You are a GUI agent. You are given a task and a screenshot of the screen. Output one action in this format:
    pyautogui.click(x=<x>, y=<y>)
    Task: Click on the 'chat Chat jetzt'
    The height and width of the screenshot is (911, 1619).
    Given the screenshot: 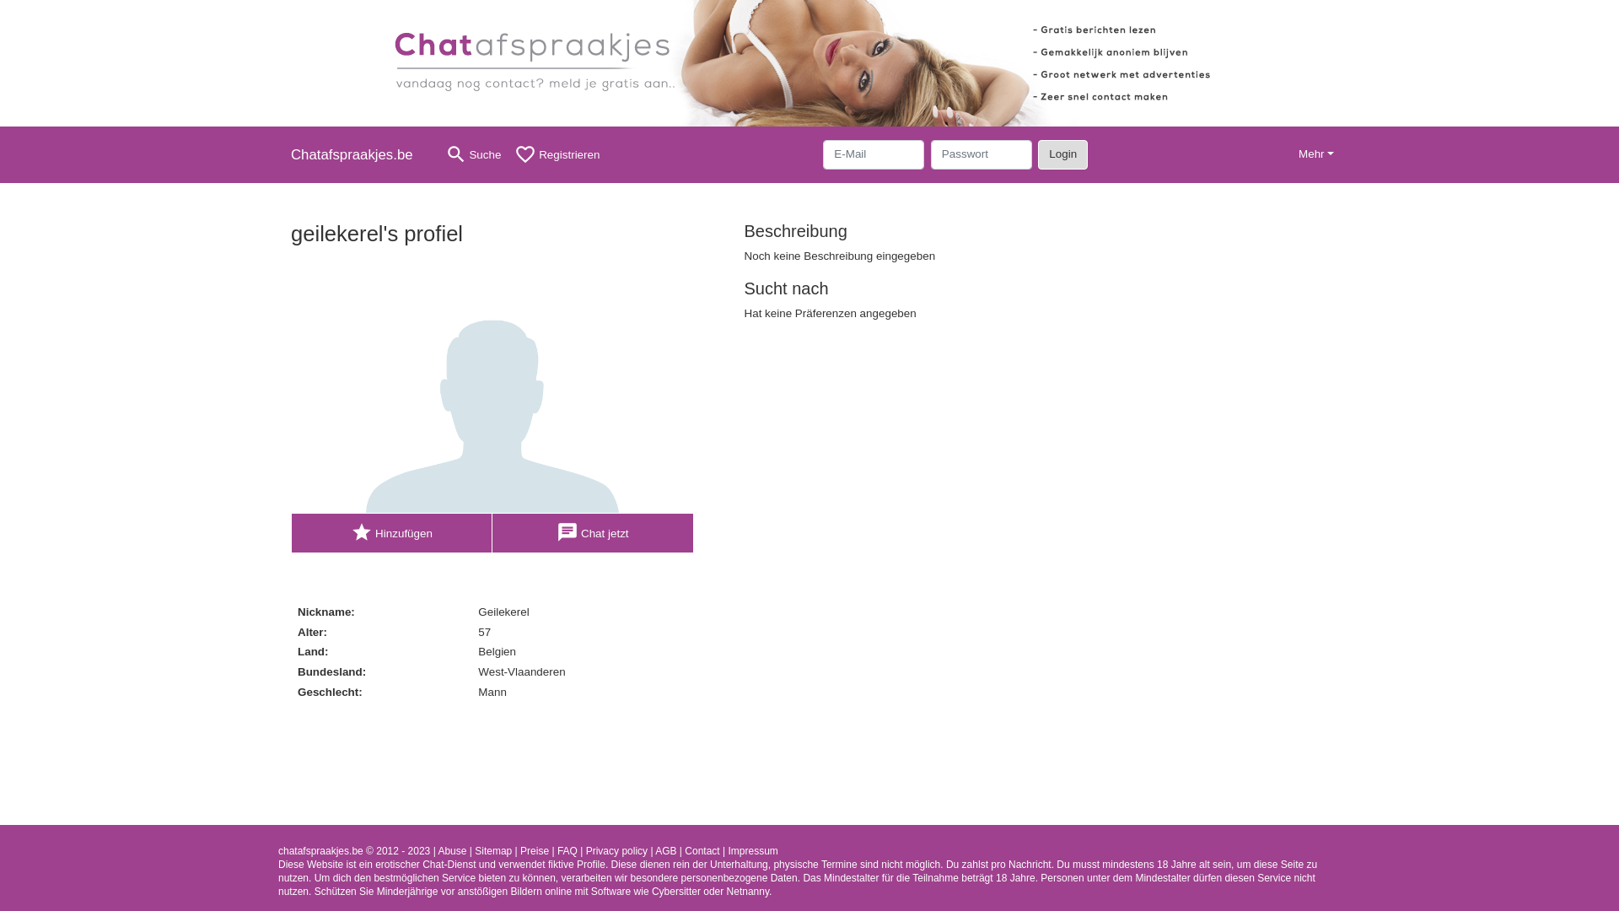 What is the action you would take?
    pyautogui.click(x=593, y=533)
    